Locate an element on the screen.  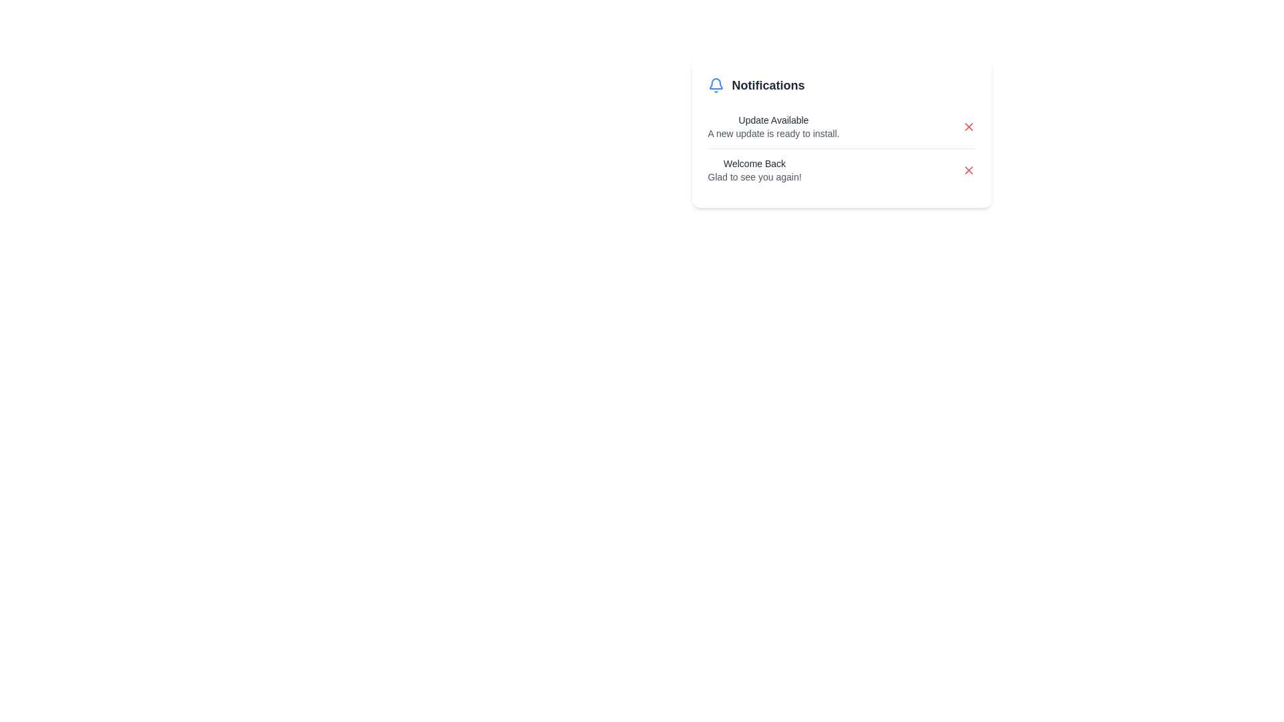
the close button for the 'Update Available' notification card located at the rightmost edge of the card to observe visual feedback is located at coordinates (968, 126).